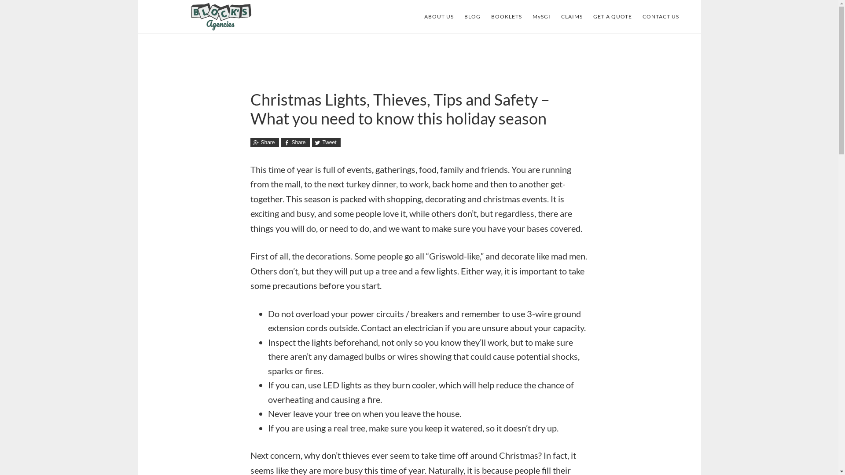 This screenshot has height=475, width=845. What do you see at coordinates (137, 0) in the screenshot?
I see `'Skip to main content'` at bounding box center [137, 0].